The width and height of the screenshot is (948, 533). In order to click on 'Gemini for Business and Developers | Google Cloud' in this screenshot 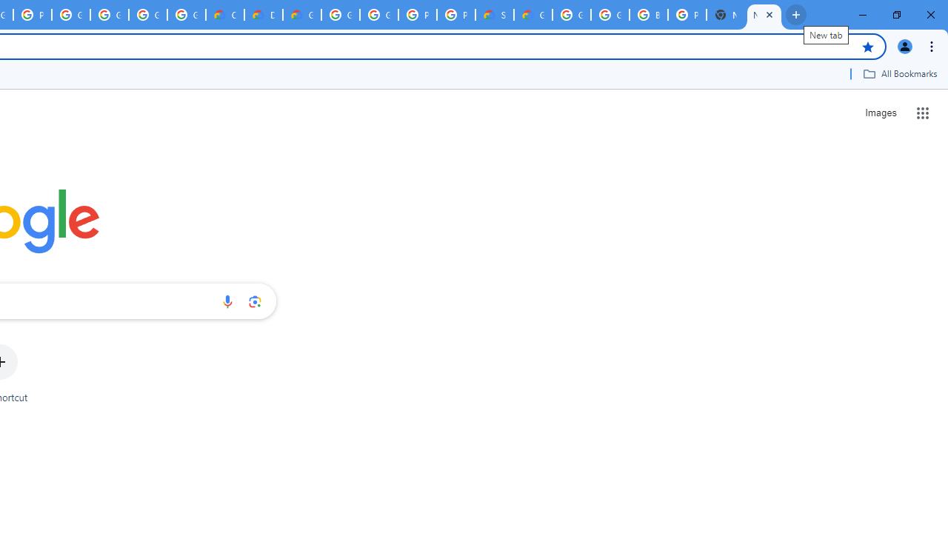, I will do `click(301, 15)`.